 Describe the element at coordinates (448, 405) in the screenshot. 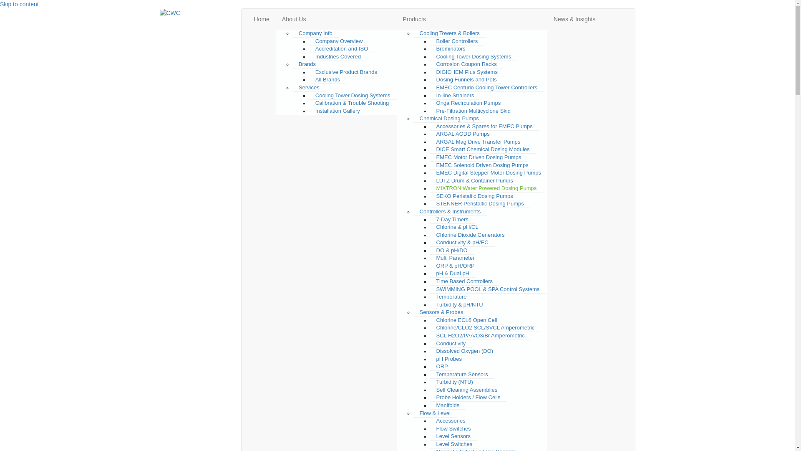

I see `'Manifolds'` at that location.